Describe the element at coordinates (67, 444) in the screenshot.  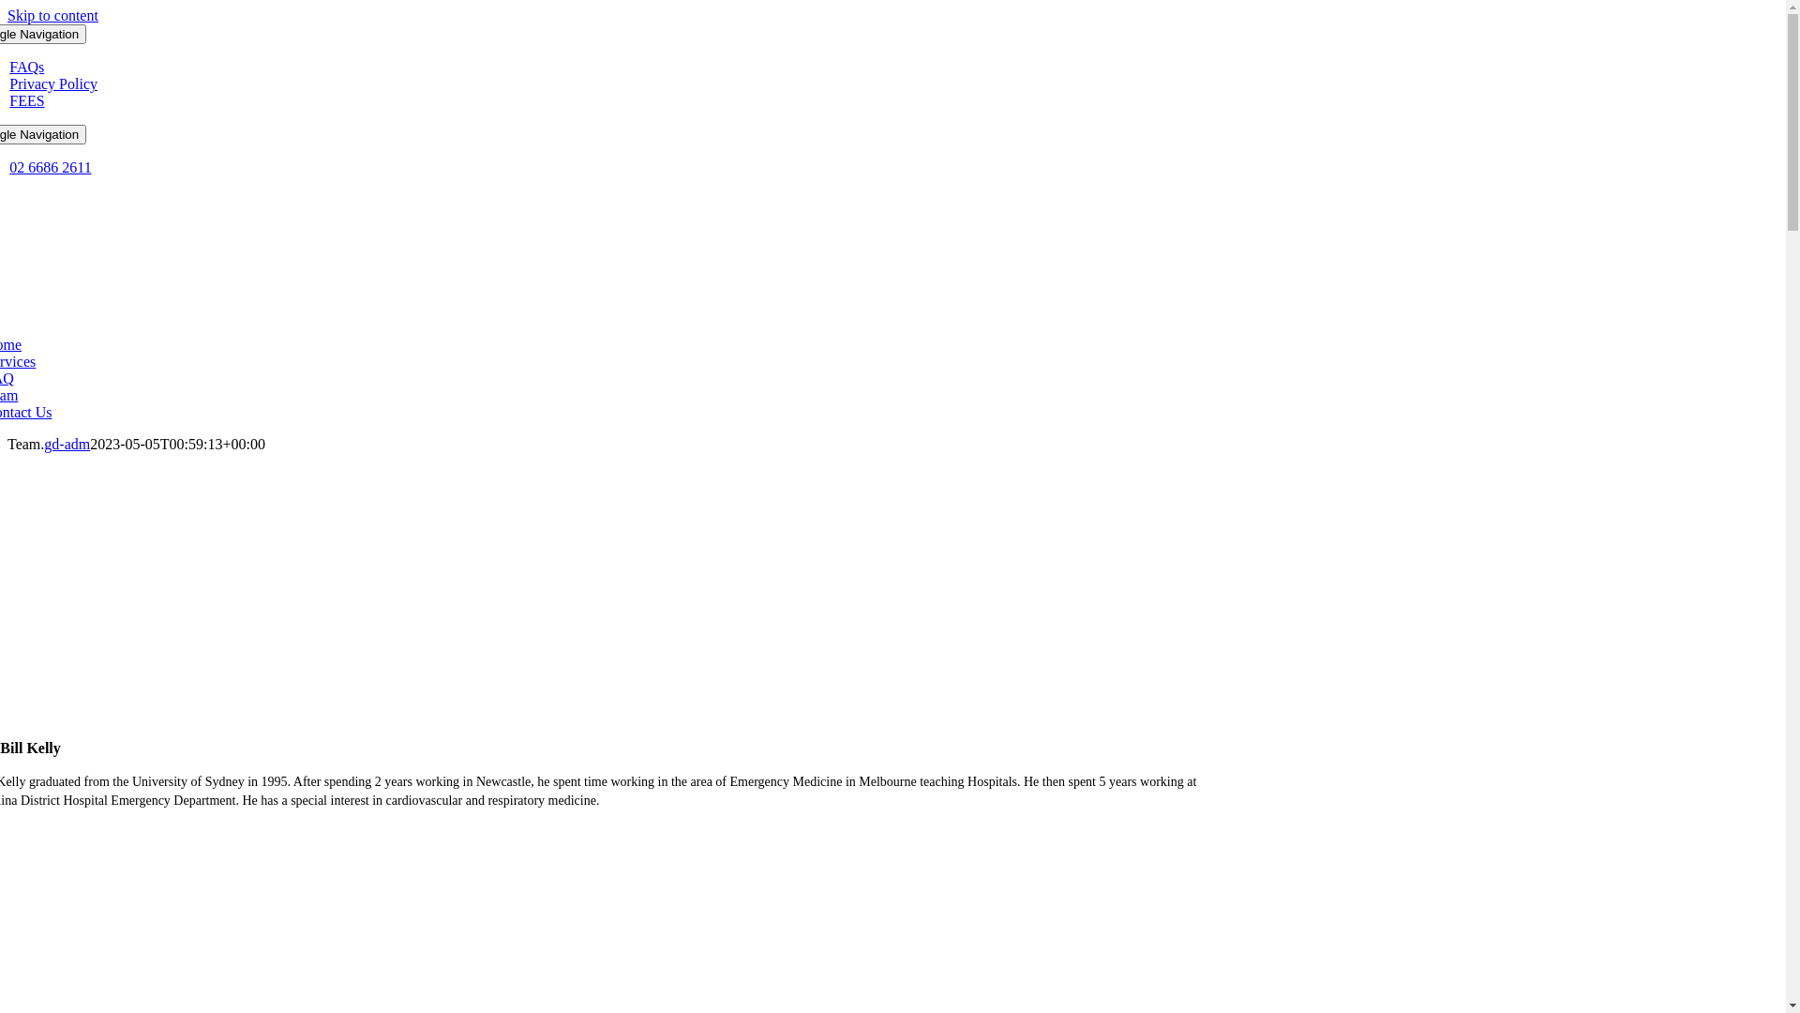
I see `'gd-adm'` at that location.